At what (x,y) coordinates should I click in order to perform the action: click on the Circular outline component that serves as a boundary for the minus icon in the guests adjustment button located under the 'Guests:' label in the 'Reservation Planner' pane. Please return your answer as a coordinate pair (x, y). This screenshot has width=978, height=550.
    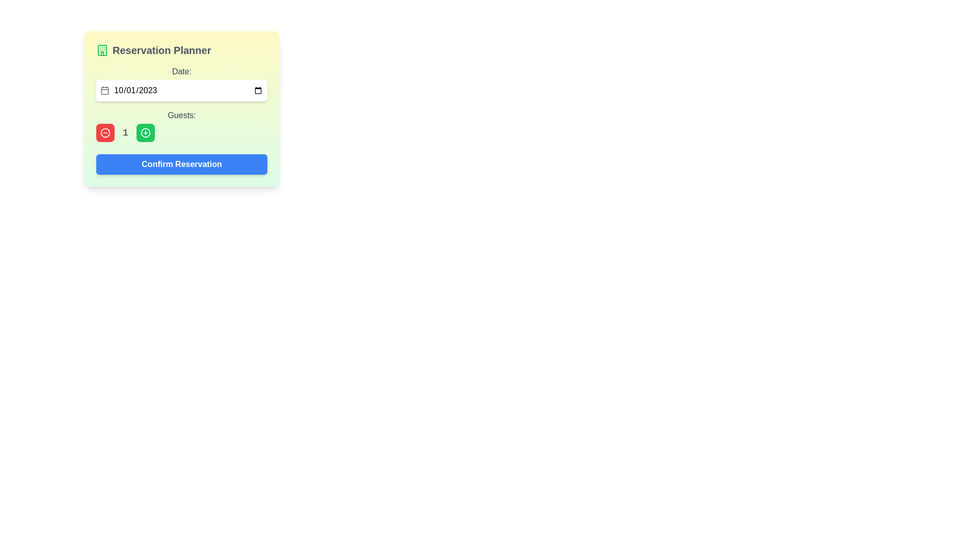
    Looking at the image, I should click on (105, 132).